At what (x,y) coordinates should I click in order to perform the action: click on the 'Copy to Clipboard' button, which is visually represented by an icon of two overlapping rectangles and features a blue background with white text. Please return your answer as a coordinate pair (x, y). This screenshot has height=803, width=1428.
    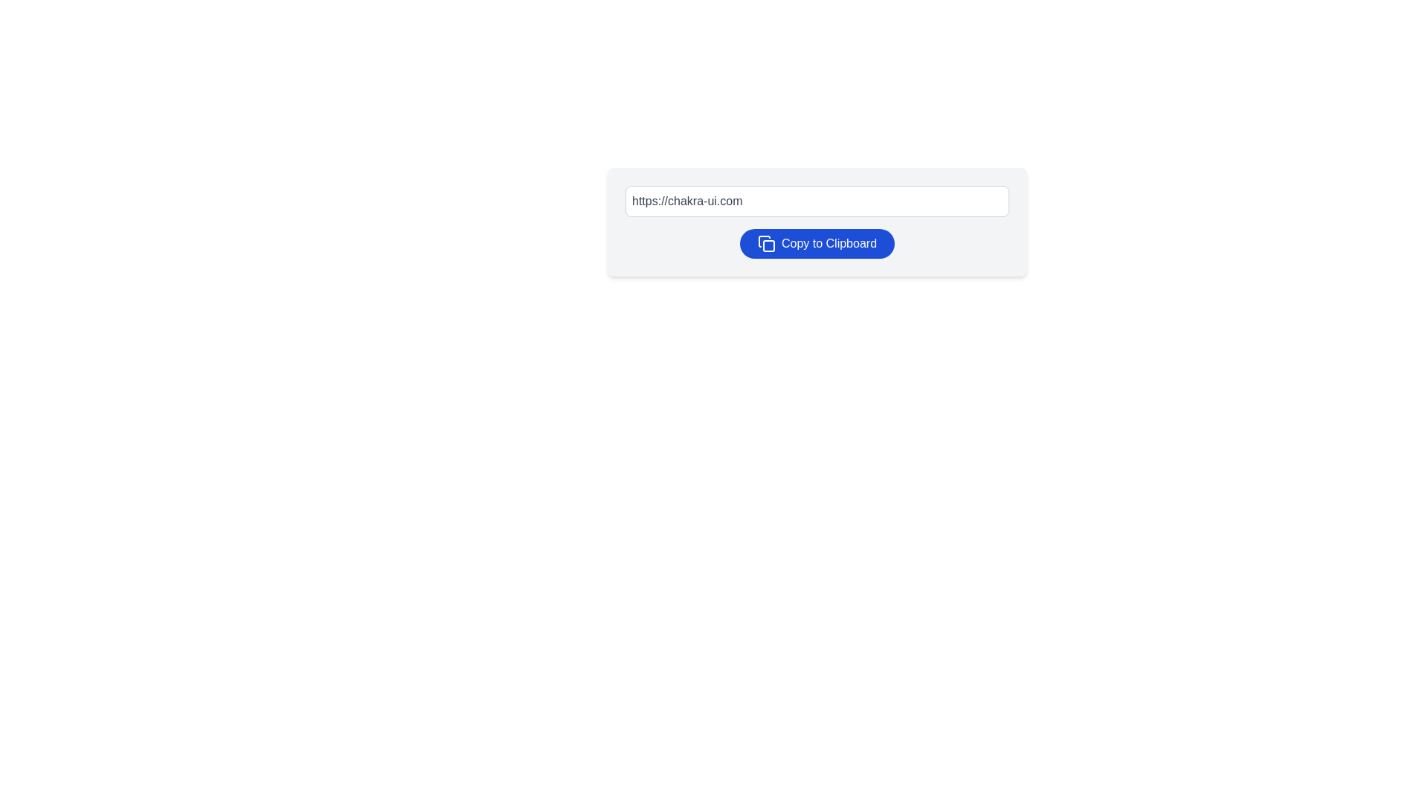
    Looking at the image, I should click on (817, 242).